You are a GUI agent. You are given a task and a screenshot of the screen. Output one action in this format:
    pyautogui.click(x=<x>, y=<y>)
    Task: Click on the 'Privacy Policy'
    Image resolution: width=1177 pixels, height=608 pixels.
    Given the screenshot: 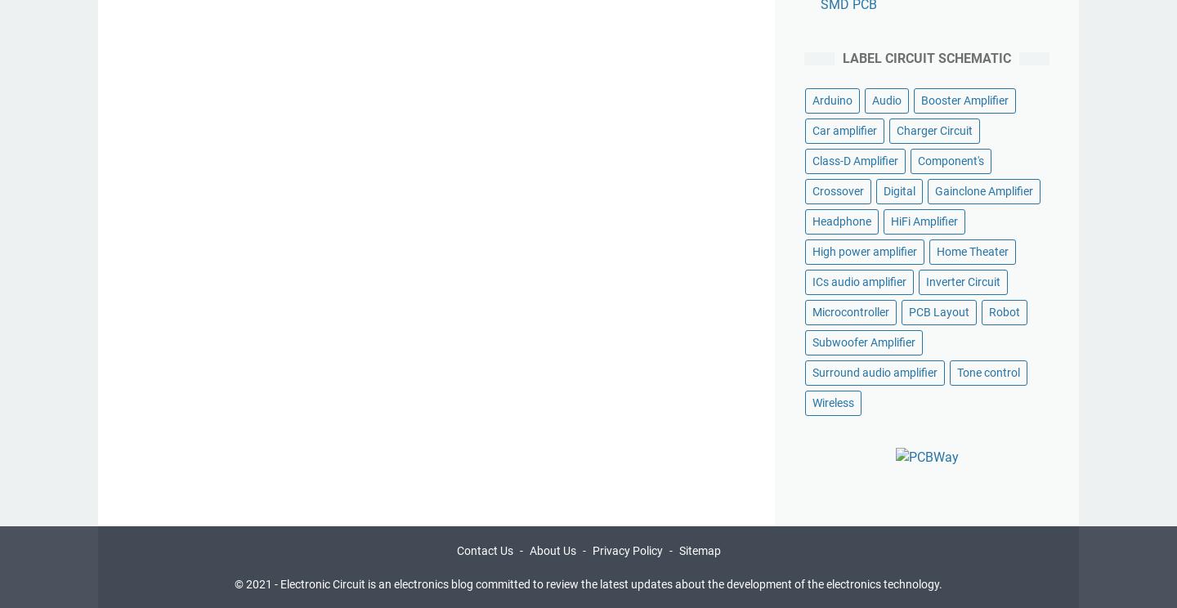 What is the action you would take?
    pyautogui.click(x=591, y=549)
    